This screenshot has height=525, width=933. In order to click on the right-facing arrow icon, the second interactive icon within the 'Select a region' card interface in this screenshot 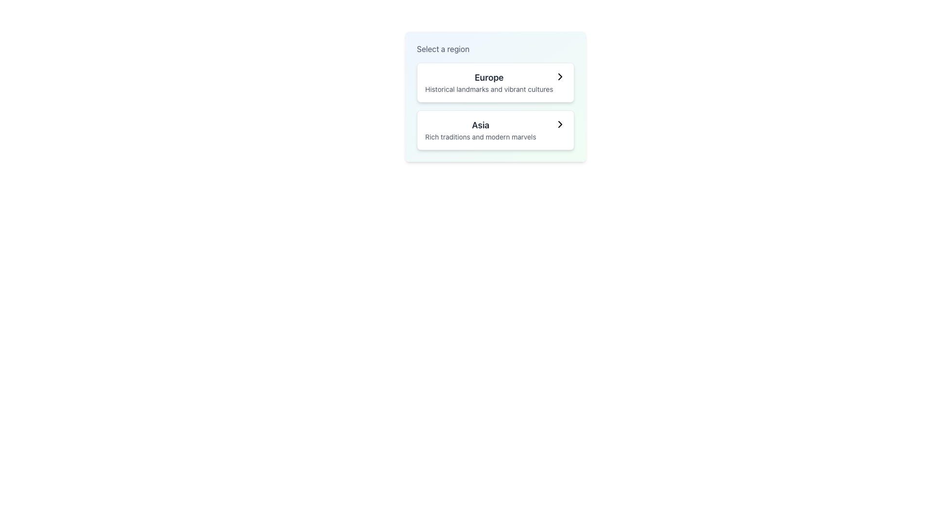, I will do `click(560, 123)`.